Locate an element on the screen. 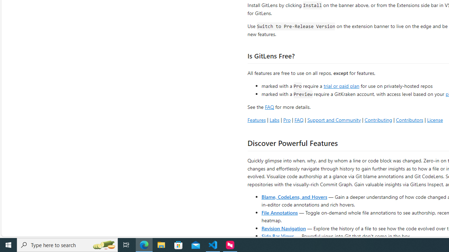  'Side Bar Views' is located at coordinates (277, 236).